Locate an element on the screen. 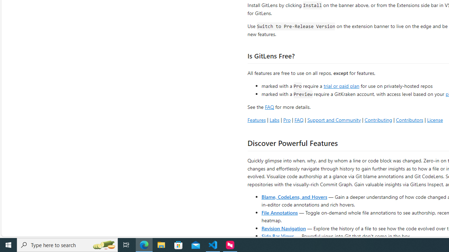  'Side Bar Views' is located at coordinates (277, 236).